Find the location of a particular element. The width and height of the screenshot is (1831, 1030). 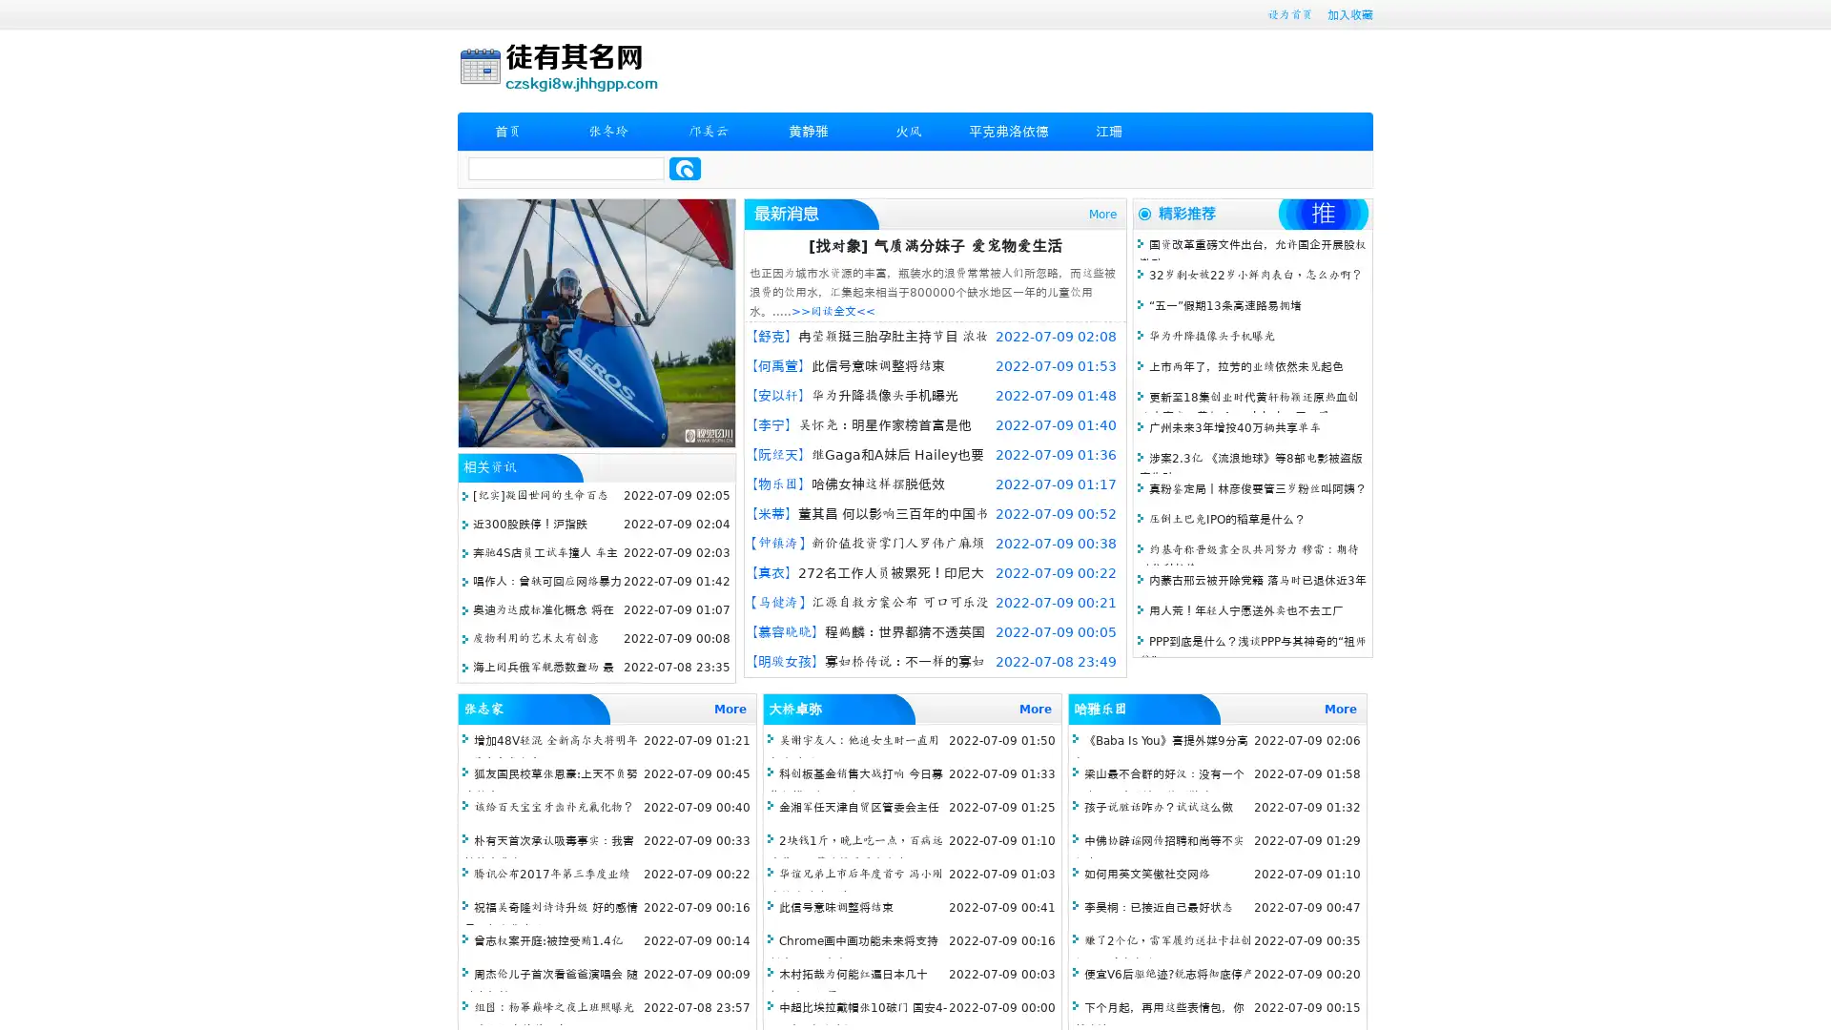

Search is located at coordinates (685, 168).